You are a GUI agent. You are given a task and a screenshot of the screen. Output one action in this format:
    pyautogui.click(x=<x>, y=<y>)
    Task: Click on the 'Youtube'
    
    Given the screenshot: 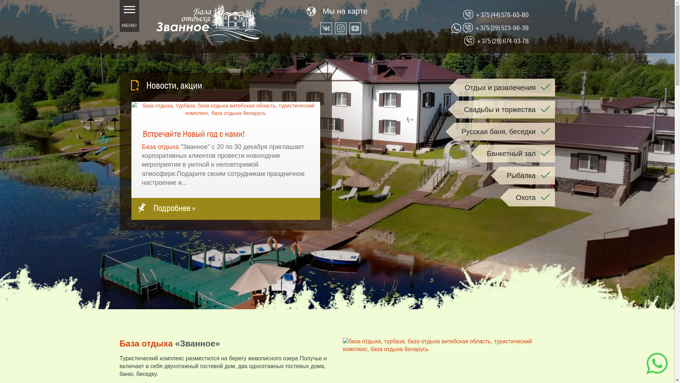 What is the action you would take?
    pyautogui.click(x=355, y=28)
    